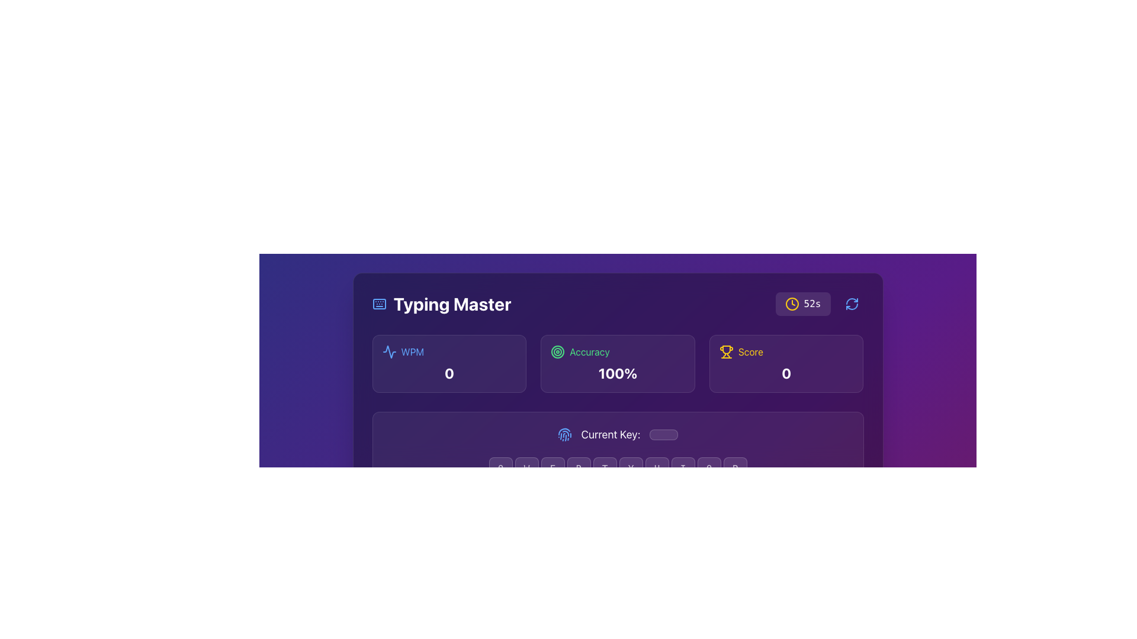 This screenshot has height=639, width=1137. I want to click on the 'P' key button on the virtual keyboard, so click(734, 469).